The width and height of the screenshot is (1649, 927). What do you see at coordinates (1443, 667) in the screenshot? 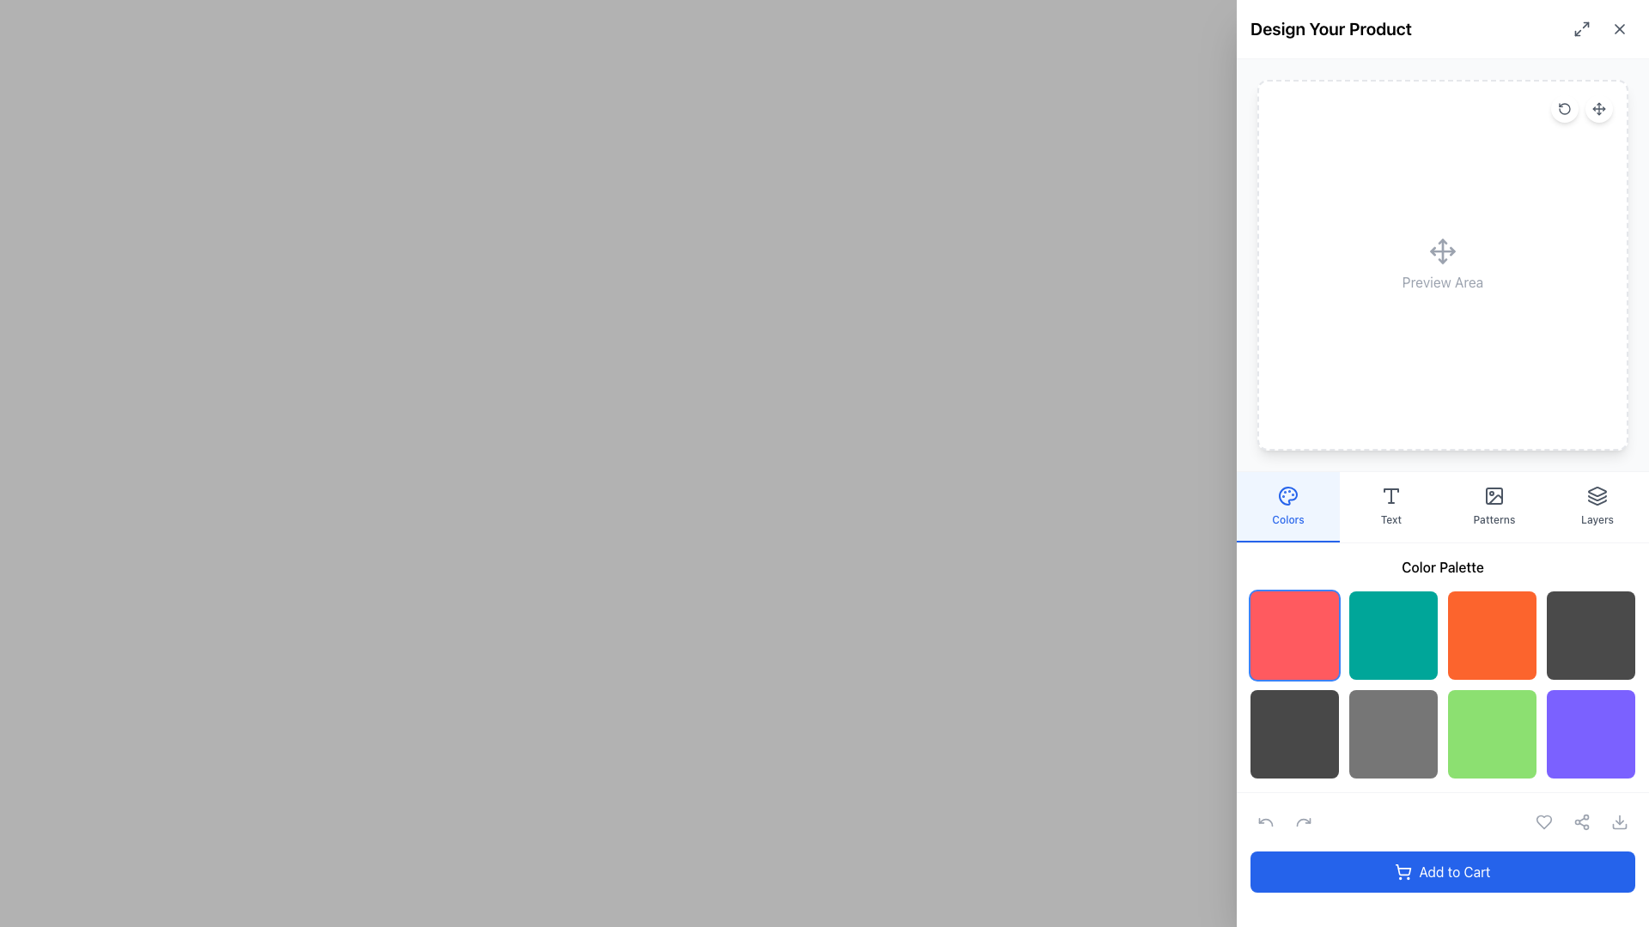
I see `the title 'Color Palette' of the Grid of selectable color options located in the sidebar titled 'Design Your Product.'` at bounding box center [1443, 667].